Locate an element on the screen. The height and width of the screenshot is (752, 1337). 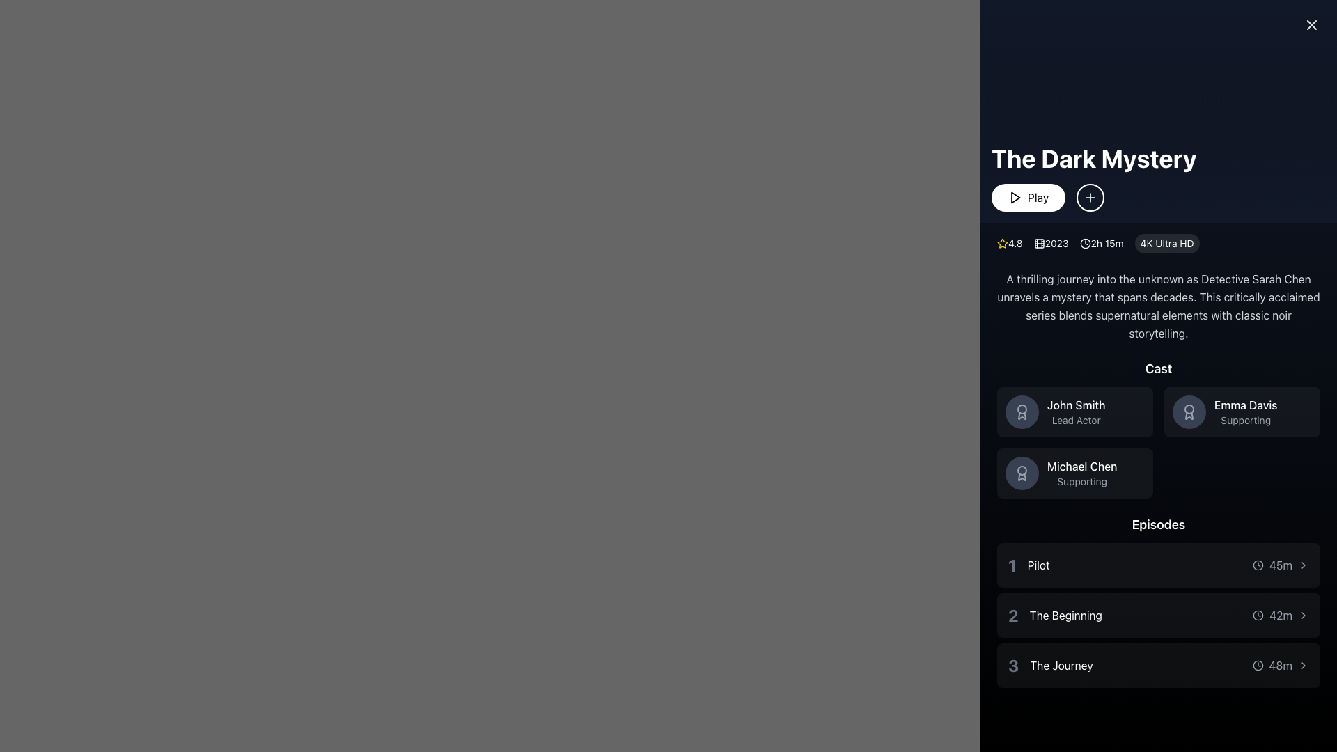
the static text label displaying '45m', which is located next to a clock icon and to the right of the episode title 'Pilot' in the 'Episodes' list is located at coordinates (1281, 565).